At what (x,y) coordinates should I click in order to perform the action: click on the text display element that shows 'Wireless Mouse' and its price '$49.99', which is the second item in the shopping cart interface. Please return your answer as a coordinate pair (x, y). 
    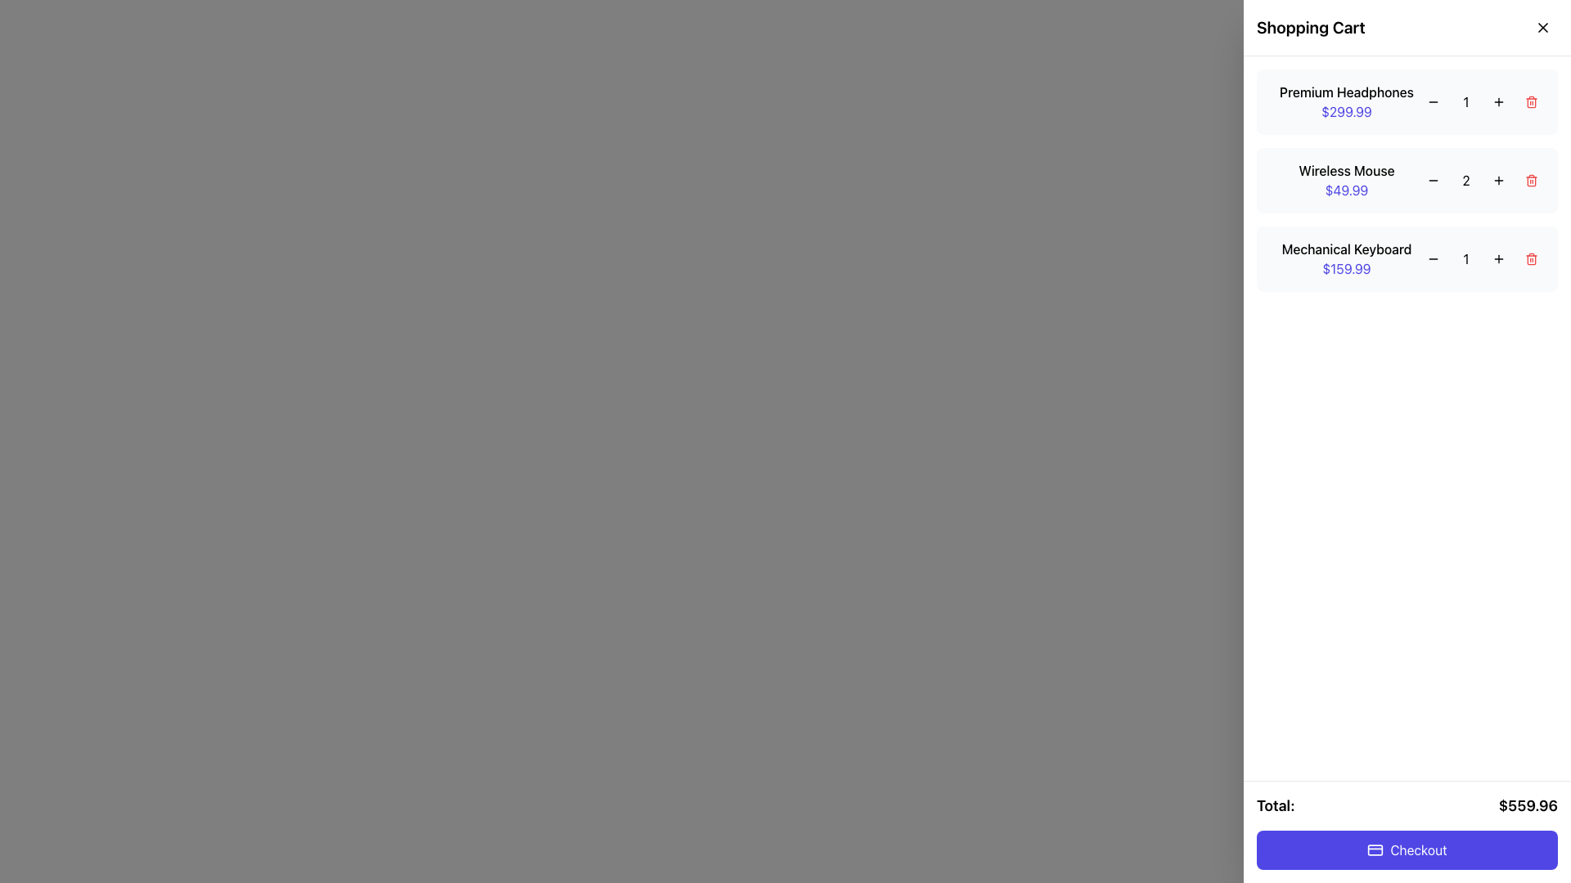
    Looking at the image, I should click on (1347, 180).